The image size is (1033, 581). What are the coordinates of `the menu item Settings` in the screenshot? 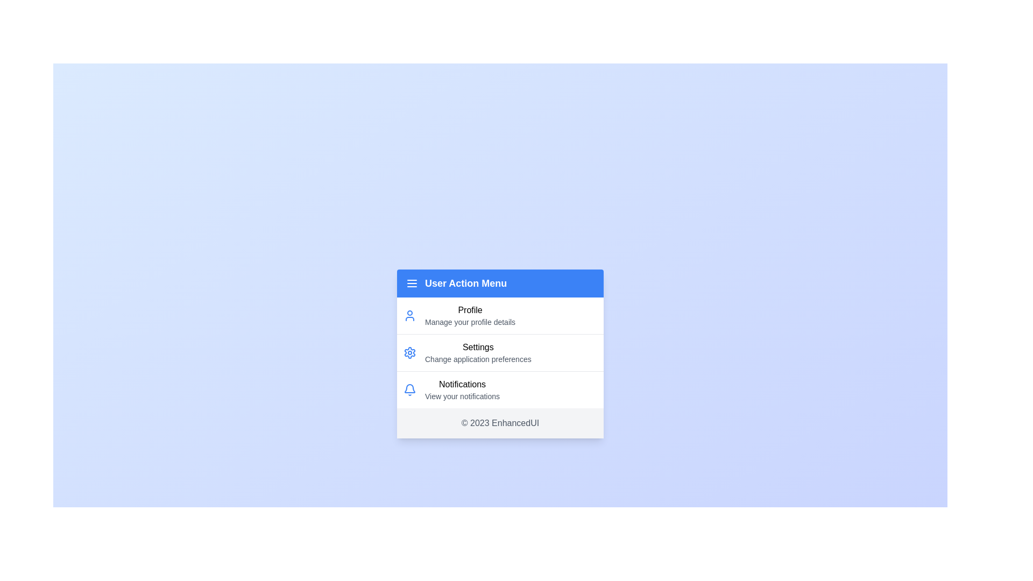 It's located at (500, 352).